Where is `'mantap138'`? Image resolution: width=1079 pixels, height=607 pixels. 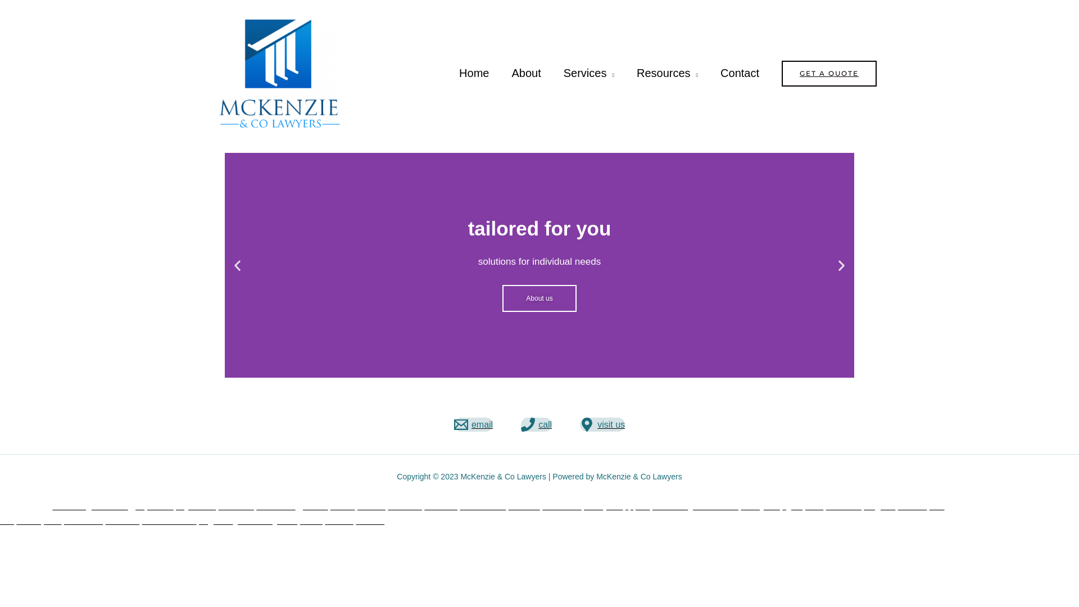 'mantap138' is located at coordinates (38, 520).